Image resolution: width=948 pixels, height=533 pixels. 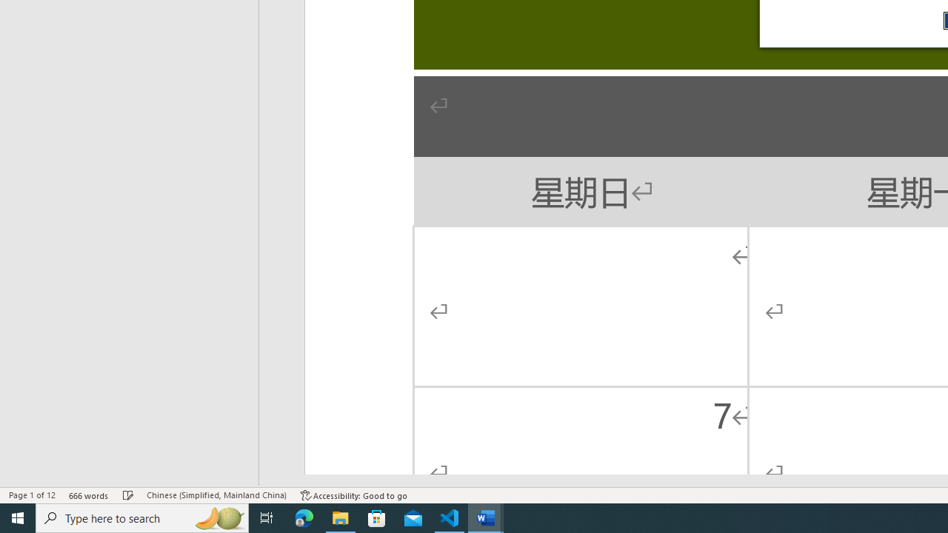 What do you see at coordinates (216, 495) in the screenshot?
I see `'Language Chinese (Simplified, Mainland China)'` at bounding box center [216, 495].